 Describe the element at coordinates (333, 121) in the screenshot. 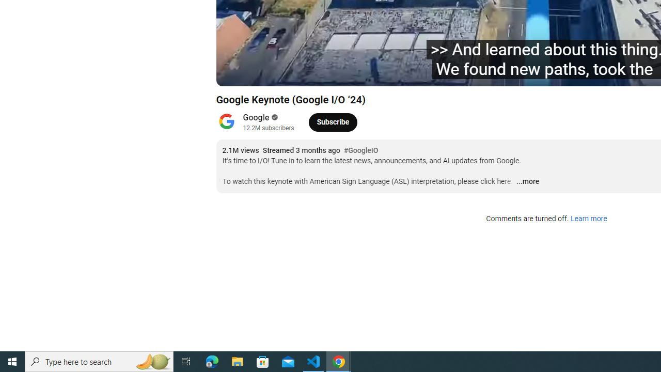

I see `'Subscribe to Google.'` at that location.